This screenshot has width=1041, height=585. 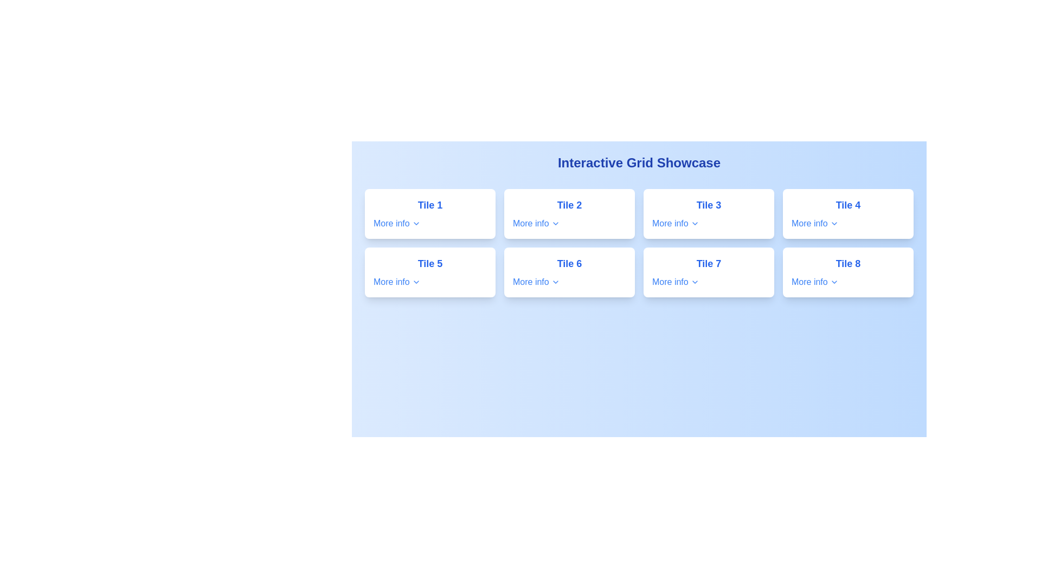 I want to click on the chevron icon located in the second grid tile, titled 'Tile 2', next to the 'More info' text, so click(x=555, y=223).